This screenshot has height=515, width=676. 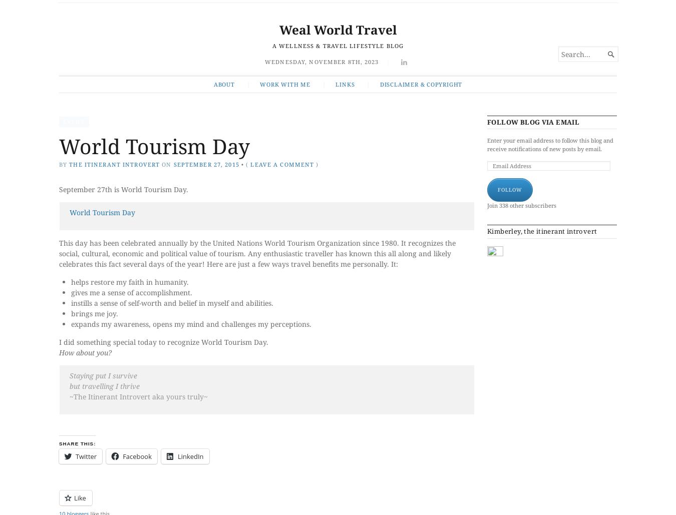 I want to click on 'Wednesday, November 8th, 2023', so click(x=321, y=61).